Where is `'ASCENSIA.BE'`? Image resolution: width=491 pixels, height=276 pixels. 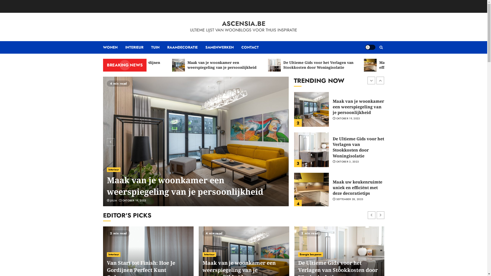 'ASCENSIA.BE' is located at coordinates (243, 24).